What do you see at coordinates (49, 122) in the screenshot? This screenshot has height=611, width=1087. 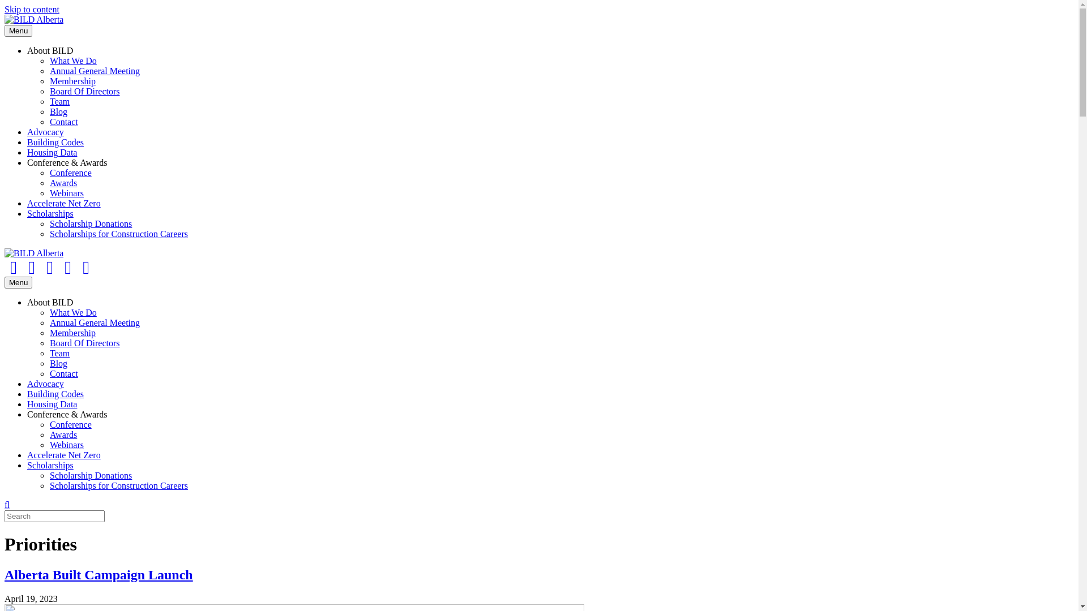 I see `'Contact'` at bounding box center [49, 122].